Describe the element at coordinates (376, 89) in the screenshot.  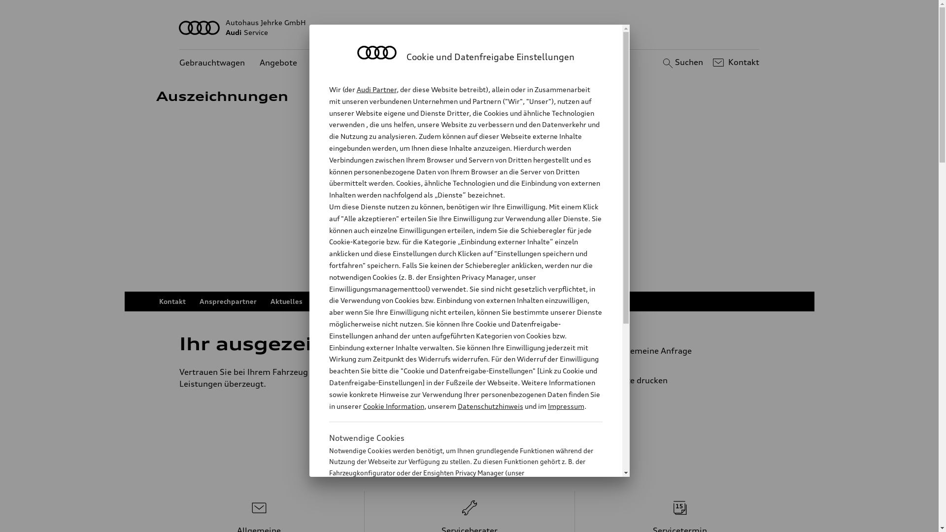
I see `'Audi Partner'` at that location.